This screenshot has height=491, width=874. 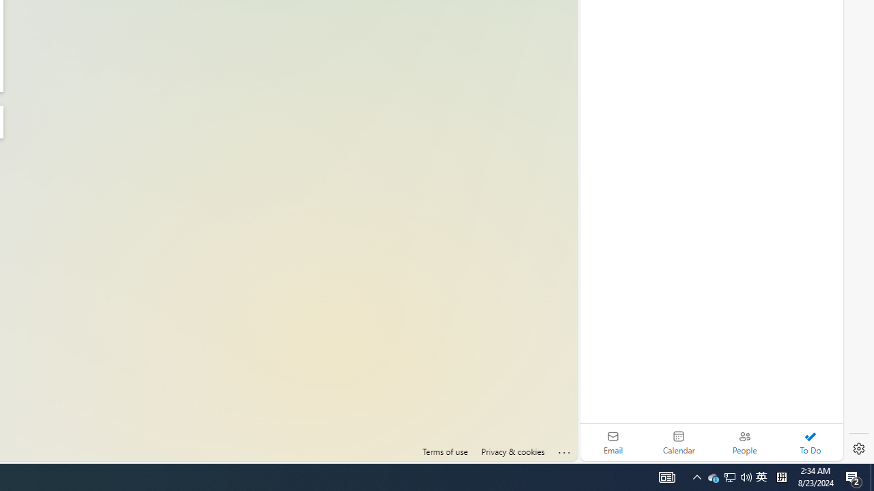 What do you see at coordinates (612, 442) in the screenshot?
I see `'Email'` at bounding box center [612, 442].